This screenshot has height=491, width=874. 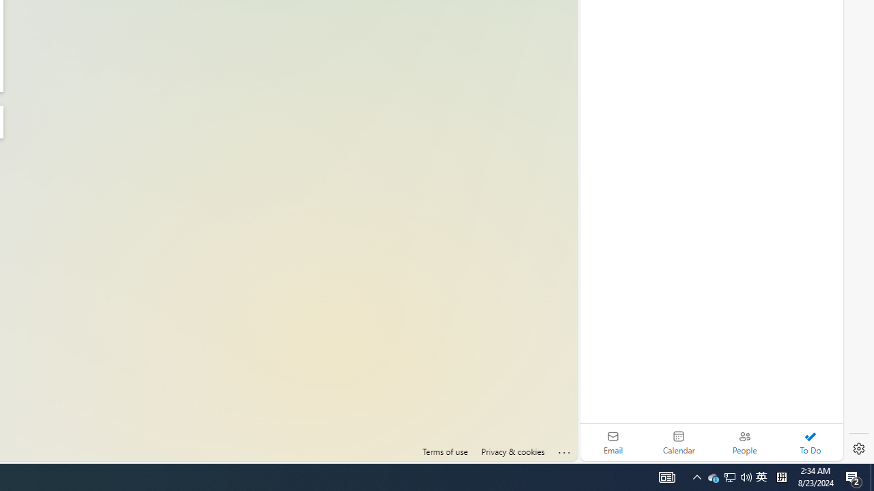 What do you see at coordinates (612, 442) in the screenshot?
I see `'Email'` at bounding box center [612, 442].